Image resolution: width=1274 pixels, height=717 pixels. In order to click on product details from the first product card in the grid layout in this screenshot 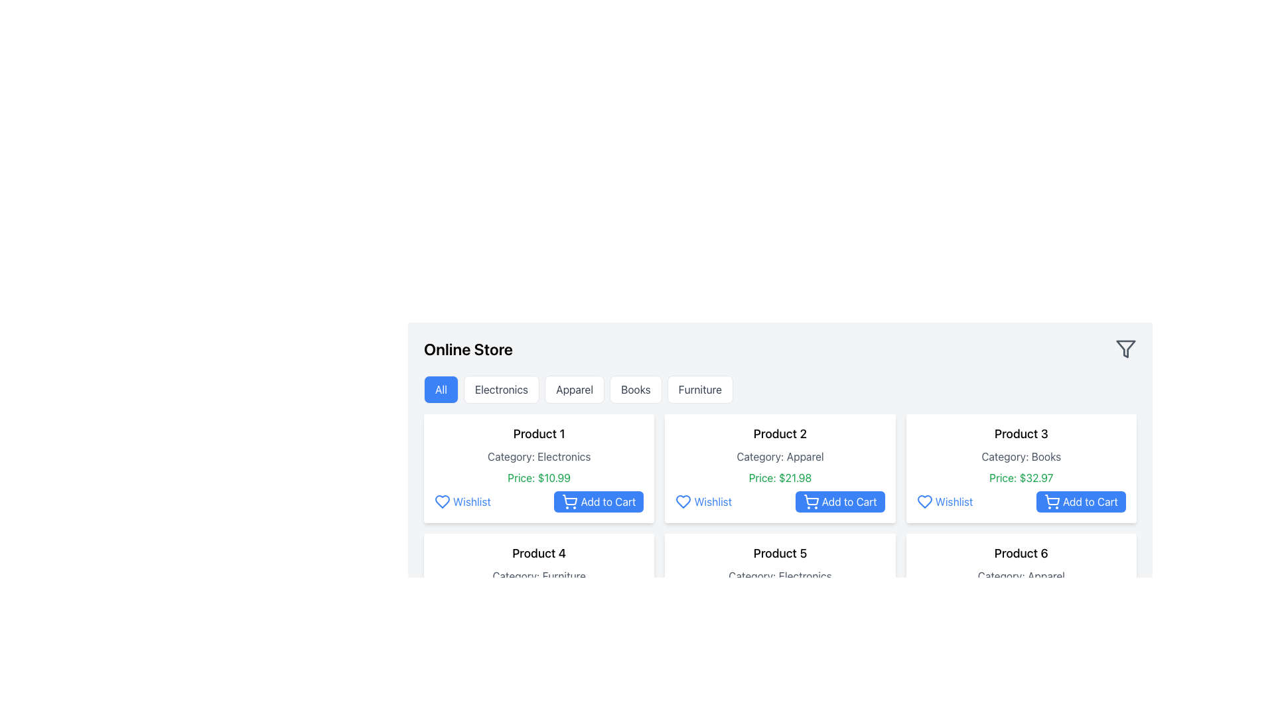, I will do `click(539, 467)`.